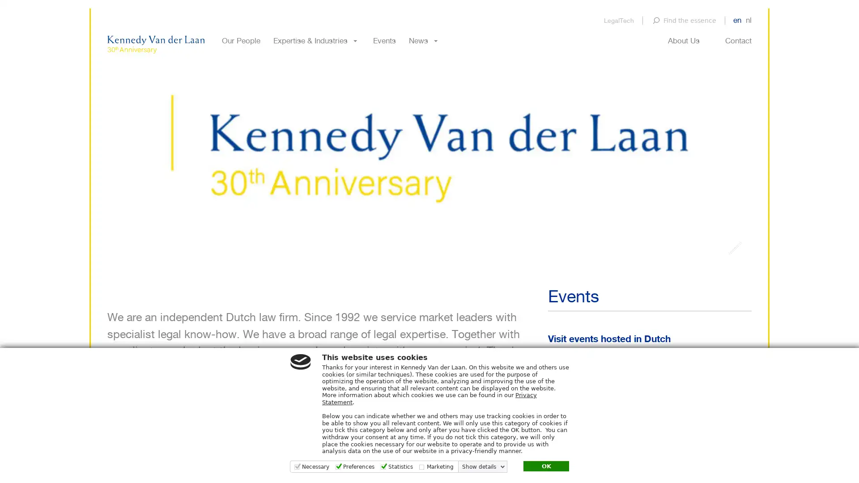 Image resolution: width=859 pixels, height=483 pixels. I want to click on mute, so click(735, 286).